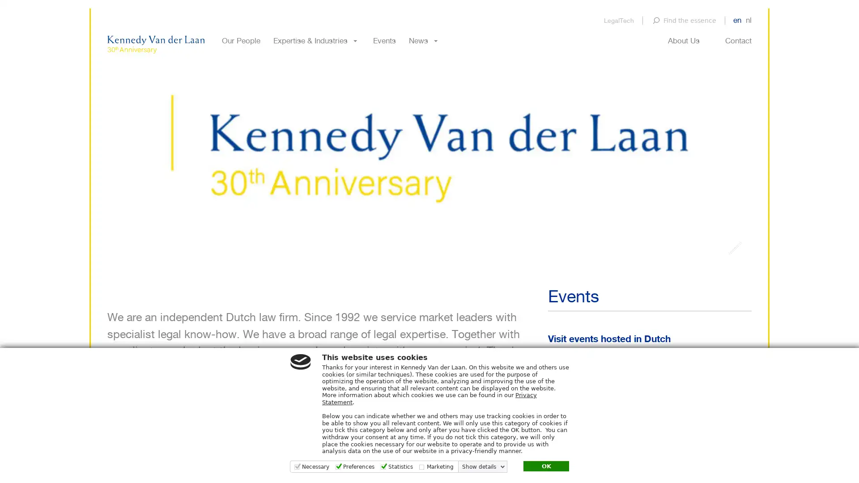 Image resolution: width=859 pixels, height=483 pixels. I want to click on mute, so click(735, 286).